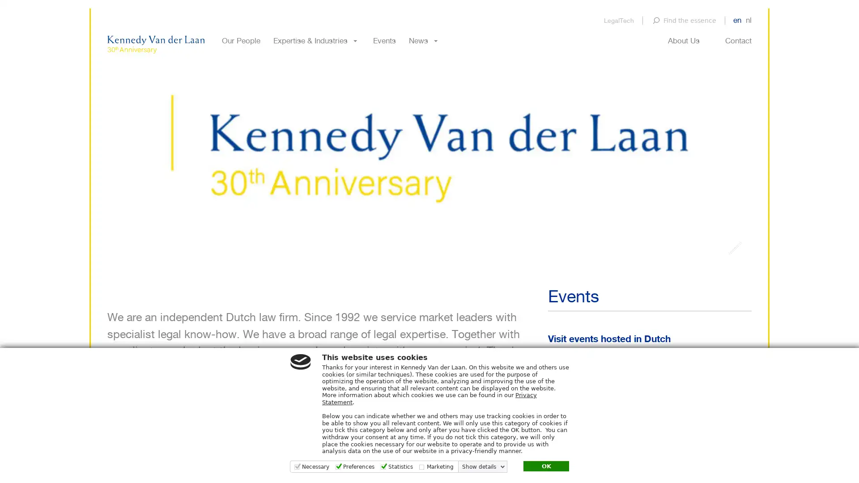 Image resolution: width=859 pixels, height=483 pixels. I want to click on mute, so click(735, 286).